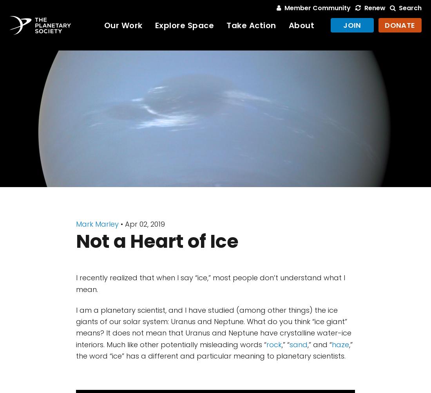 This screenshot has width=431, height=393. I want to click on ',” the word “ice” has a different and particular meaning to planetary scientists.', so click(214, 349).